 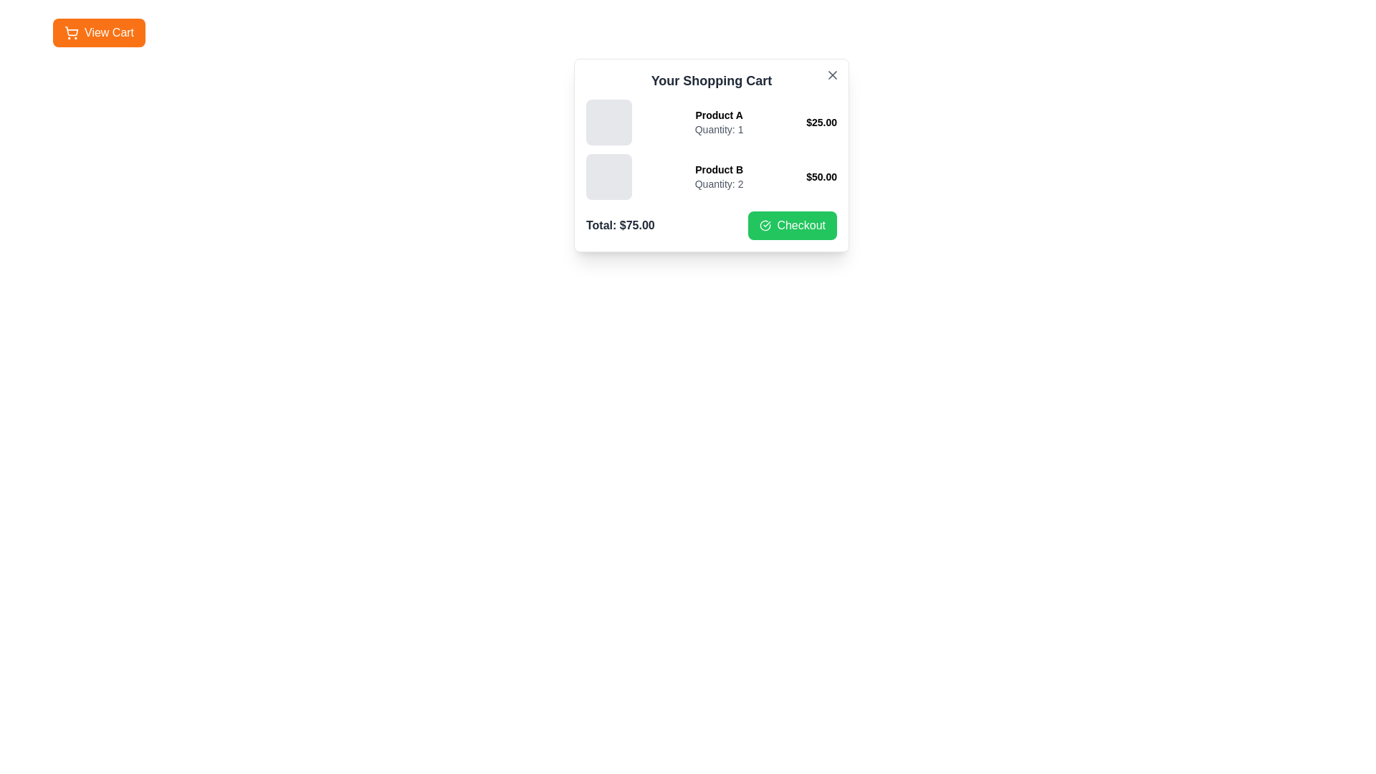 What do you see at coordinates (71, 32) in the screenshot?
I see `the shopping cart icon located to the left of the 'View Cart' text in the upper-left corner of the interface` at bounding box center [71, 32].